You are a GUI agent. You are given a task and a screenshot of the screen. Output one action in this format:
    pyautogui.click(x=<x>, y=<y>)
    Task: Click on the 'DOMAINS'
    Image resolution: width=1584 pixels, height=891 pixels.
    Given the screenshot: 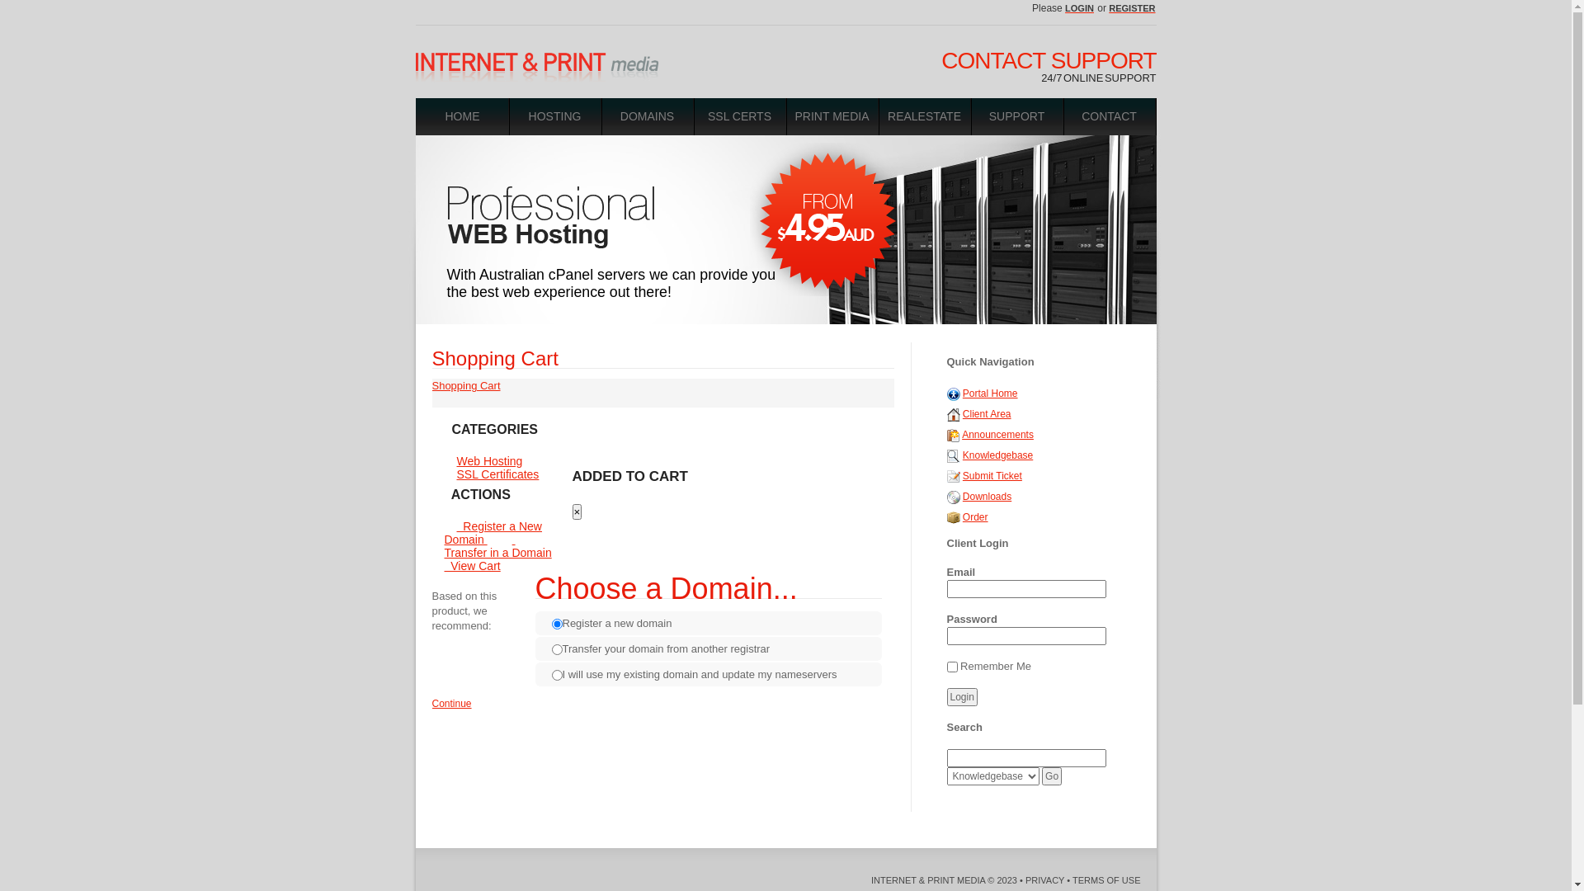 What is the action you would take?
    pyautogui.click(x=647, y=115)
    